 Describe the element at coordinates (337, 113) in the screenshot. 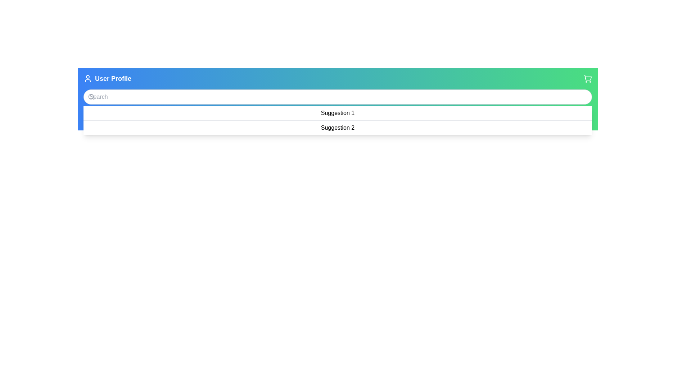

I see `the dropdown list item labeled 'Suggestion 1'` at that location.